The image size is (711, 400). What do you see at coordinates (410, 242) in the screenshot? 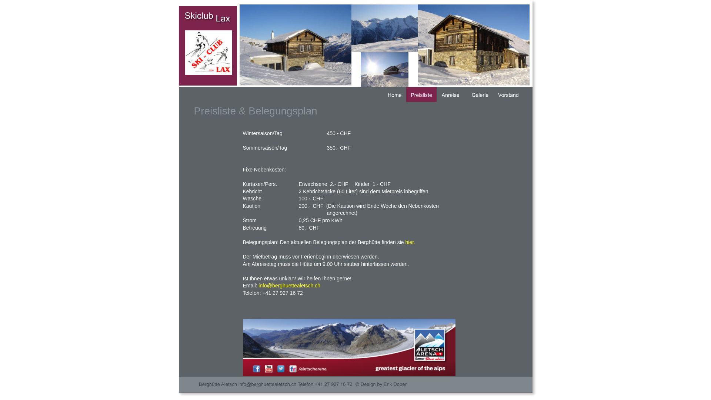
I see `'hier.'` at bounding box center [410, 242].